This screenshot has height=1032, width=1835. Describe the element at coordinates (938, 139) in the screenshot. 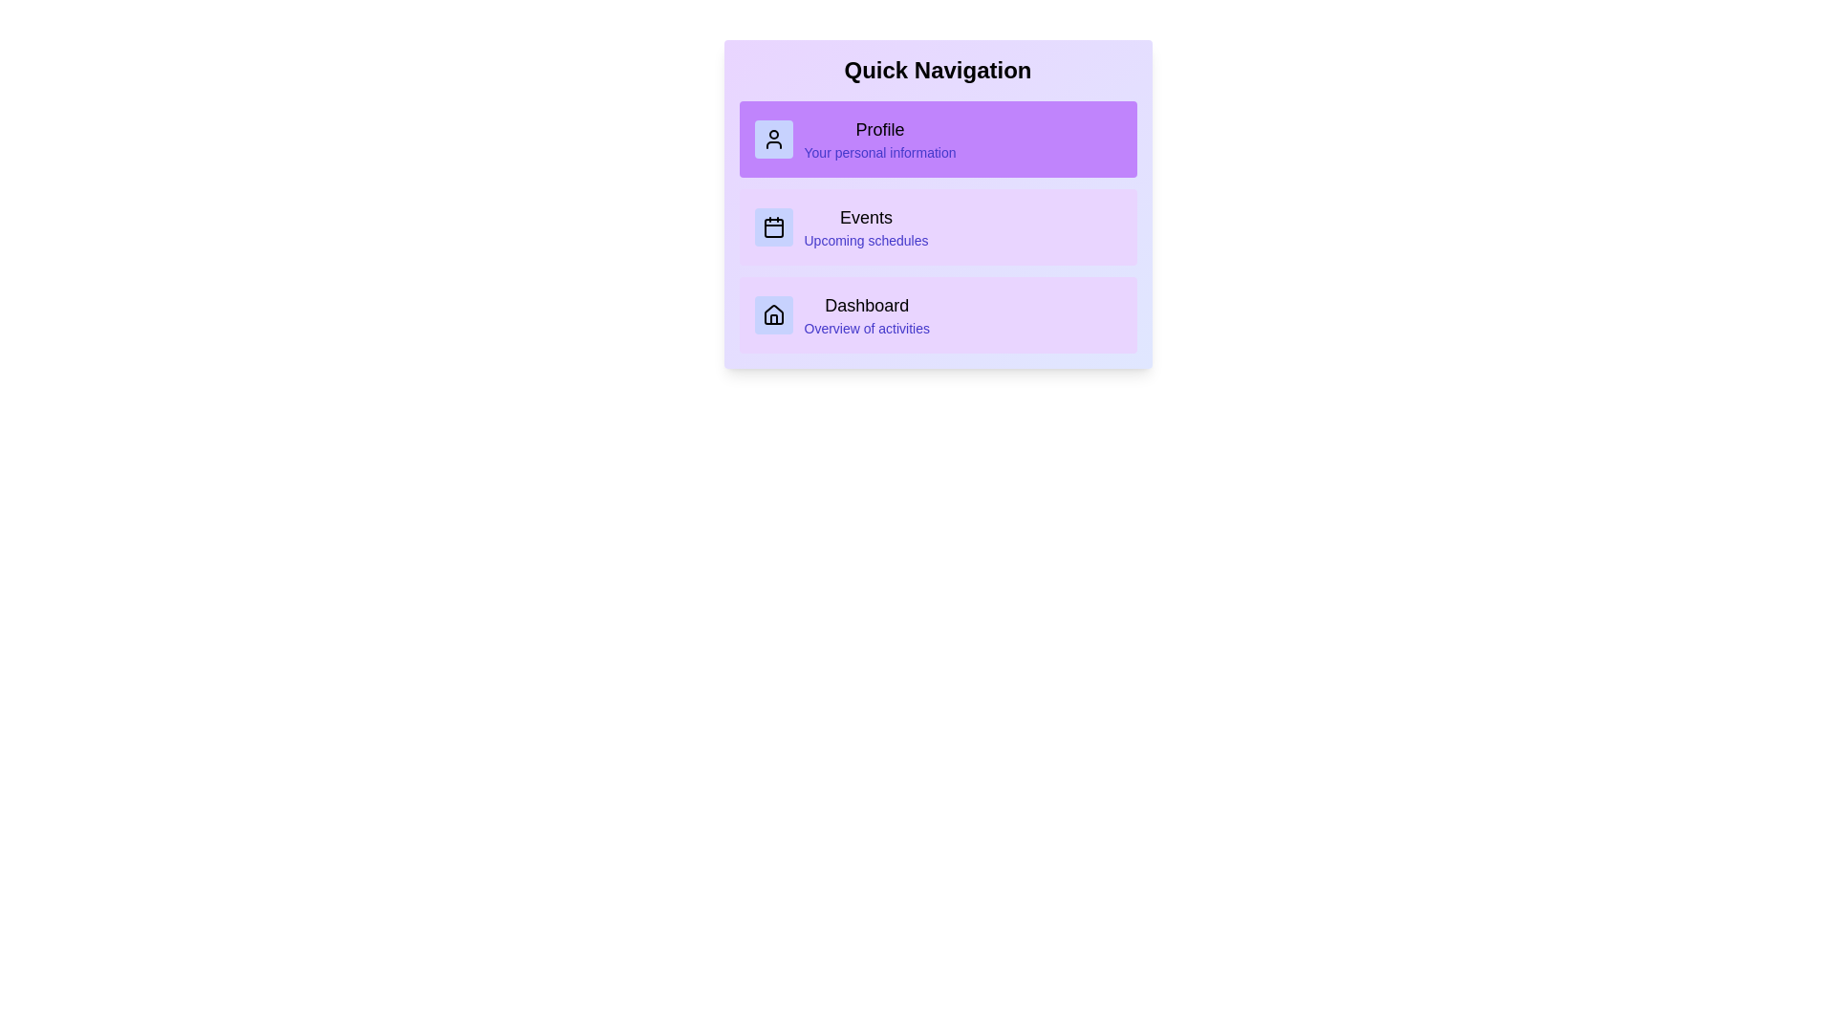

I see `the menu item labeled Profile to preview its description` at that location.